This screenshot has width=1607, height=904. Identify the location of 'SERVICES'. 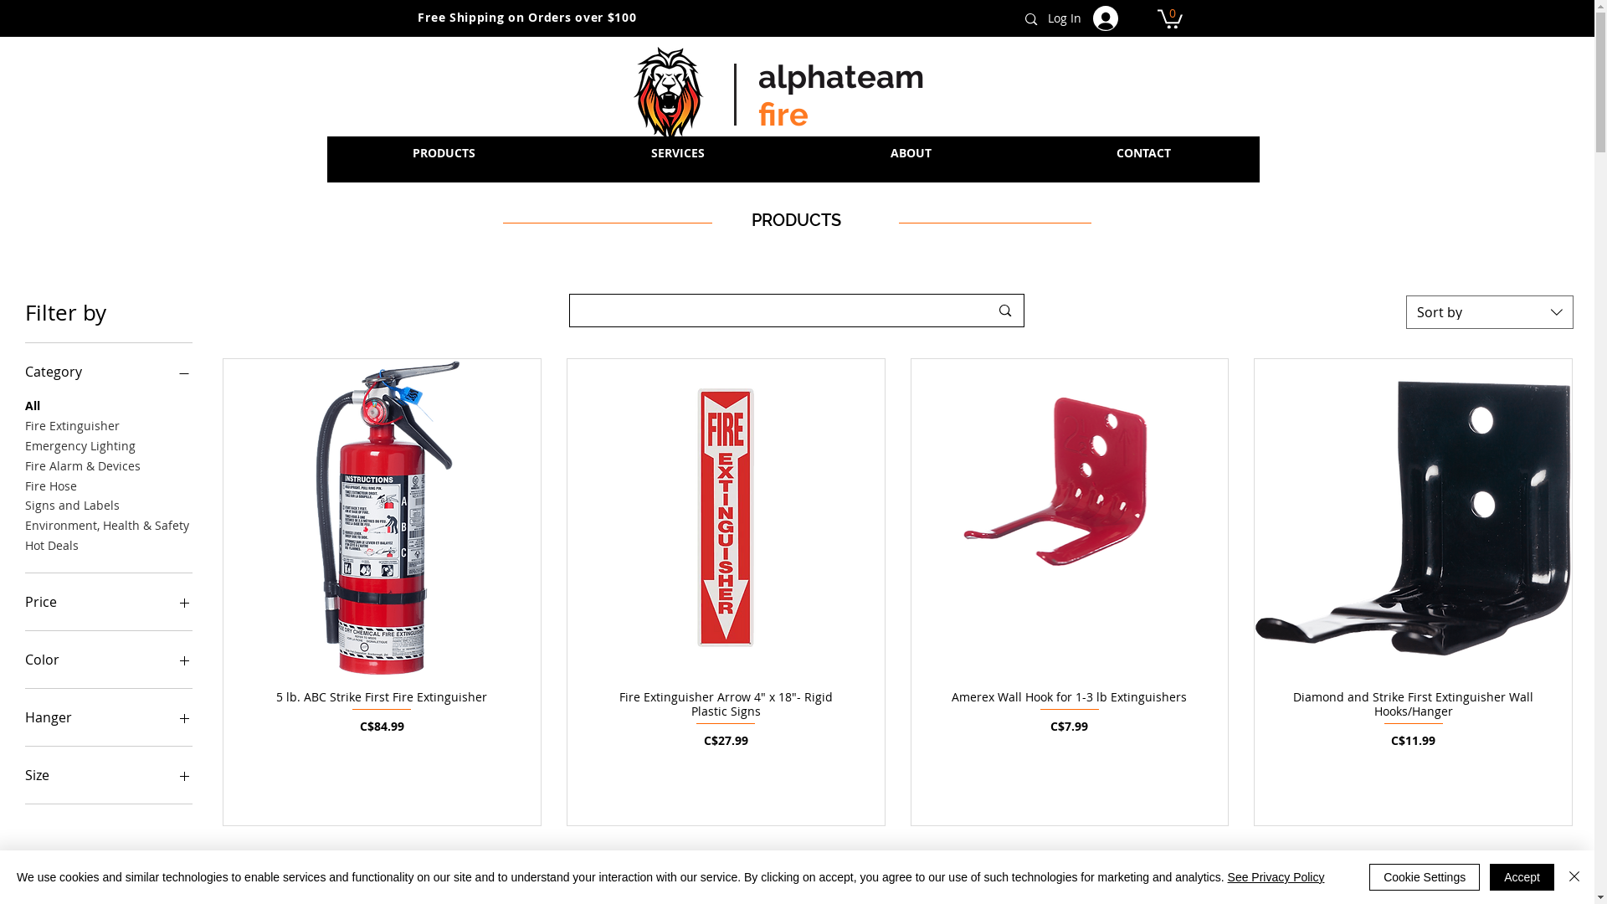
(677, 152).